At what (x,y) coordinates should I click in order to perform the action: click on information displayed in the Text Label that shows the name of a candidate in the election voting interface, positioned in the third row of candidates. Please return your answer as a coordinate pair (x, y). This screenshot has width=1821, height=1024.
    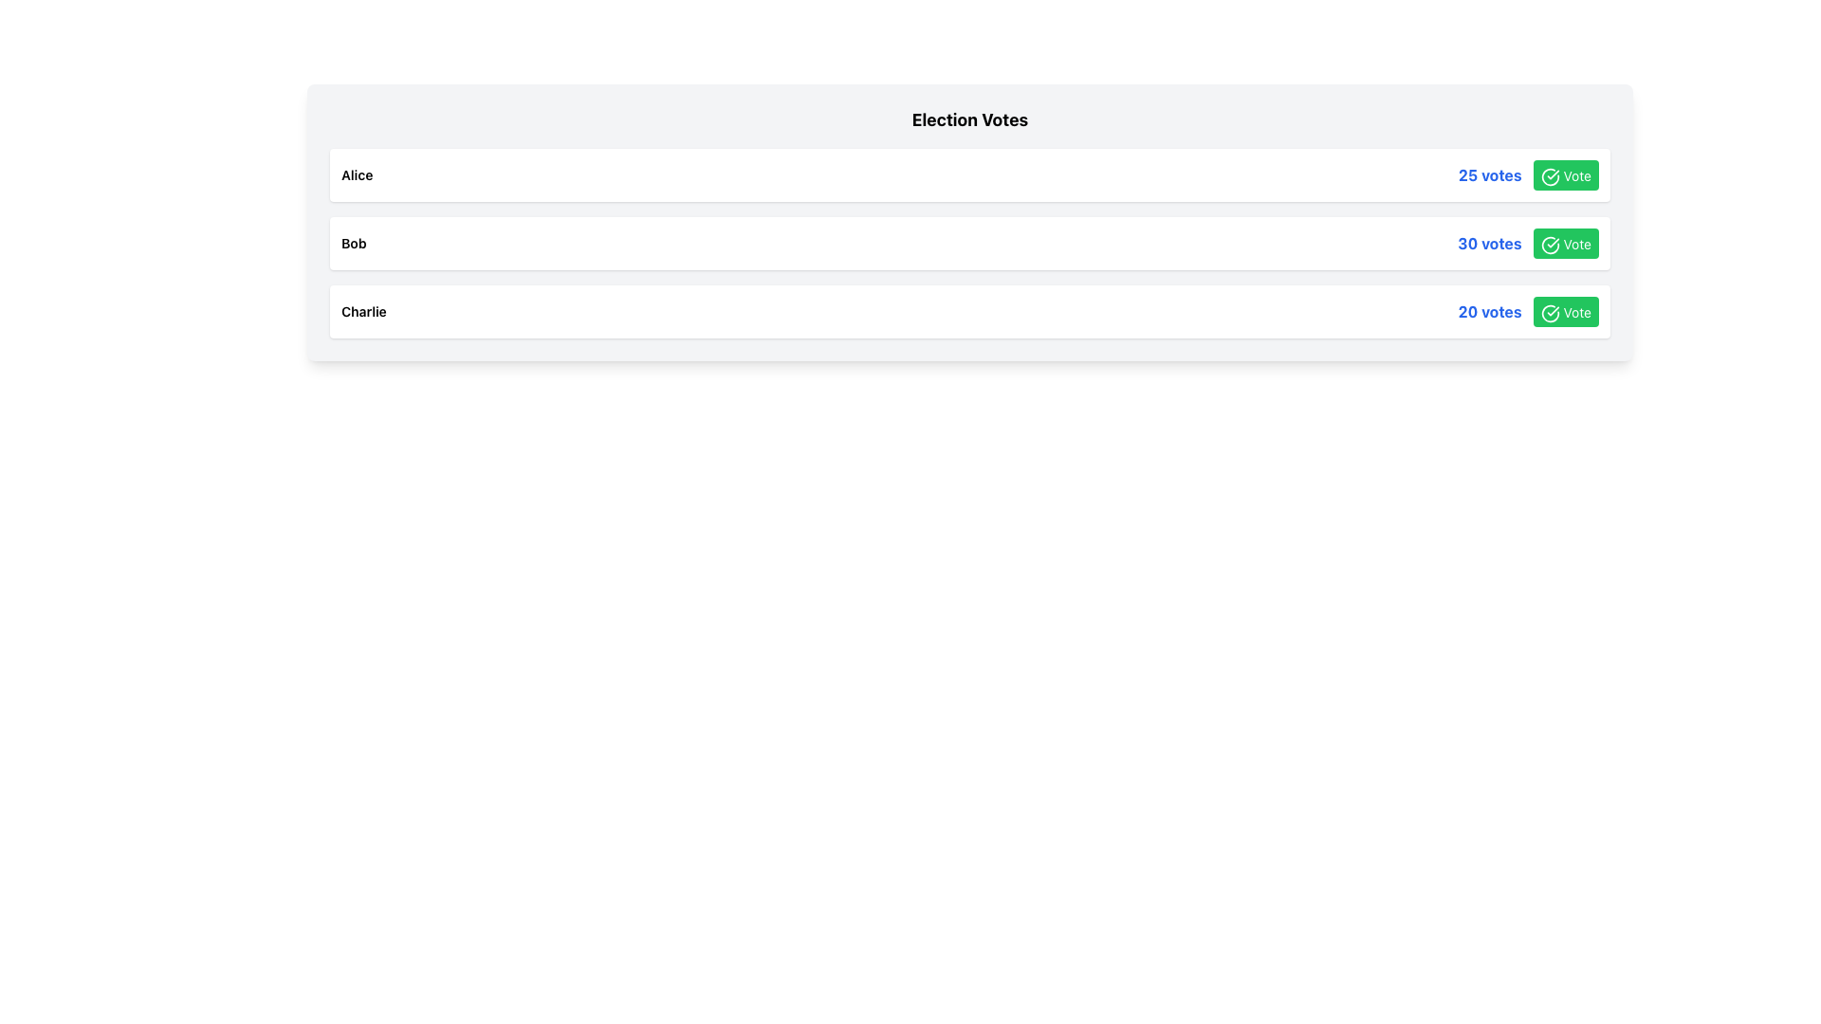
    Looking at the image, I should click on (364, 310).